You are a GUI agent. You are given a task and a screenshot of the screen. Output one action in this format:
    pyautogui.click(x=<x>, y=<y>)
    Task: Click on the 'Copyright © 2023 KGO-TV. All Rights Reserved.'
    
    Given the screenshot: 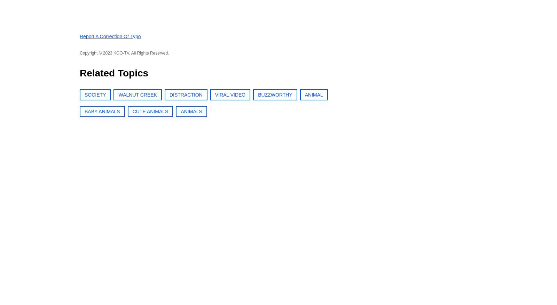 What is the action you would take?
    pyautogui.click(x=124, y=52)
    